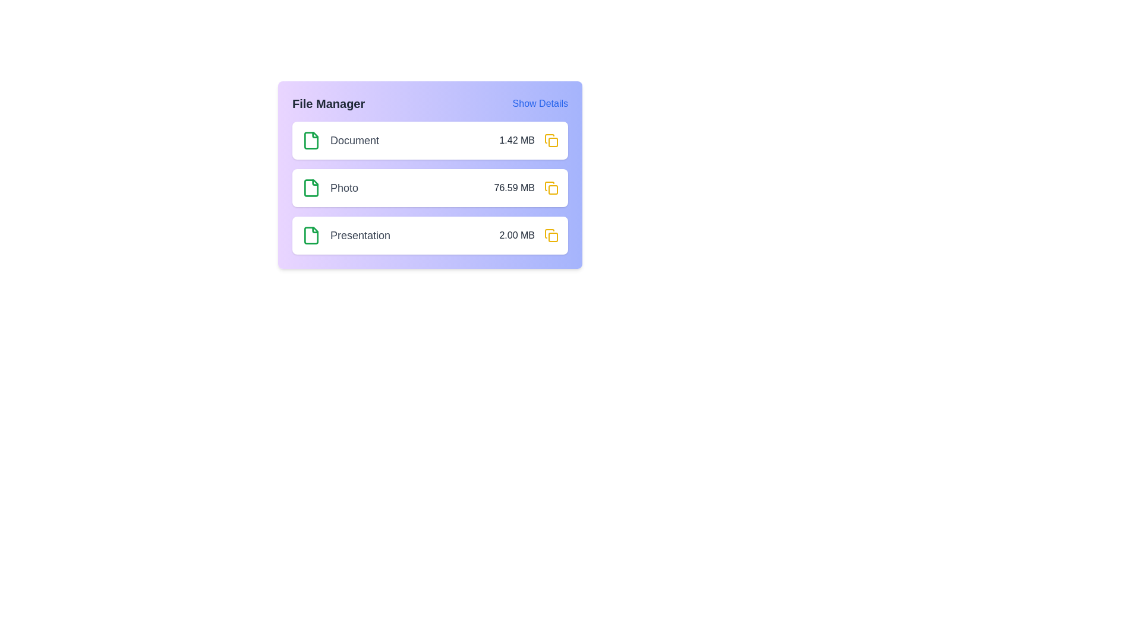 The width and height of the screenshot is (1141, 641). What do you see at coordinates (517, 139) in the screenshot?
I see `the text label that displays the size of the associated file or document, located in the file item row labeled 'Document' in the file manager UI` at bounding box center [517, 139].